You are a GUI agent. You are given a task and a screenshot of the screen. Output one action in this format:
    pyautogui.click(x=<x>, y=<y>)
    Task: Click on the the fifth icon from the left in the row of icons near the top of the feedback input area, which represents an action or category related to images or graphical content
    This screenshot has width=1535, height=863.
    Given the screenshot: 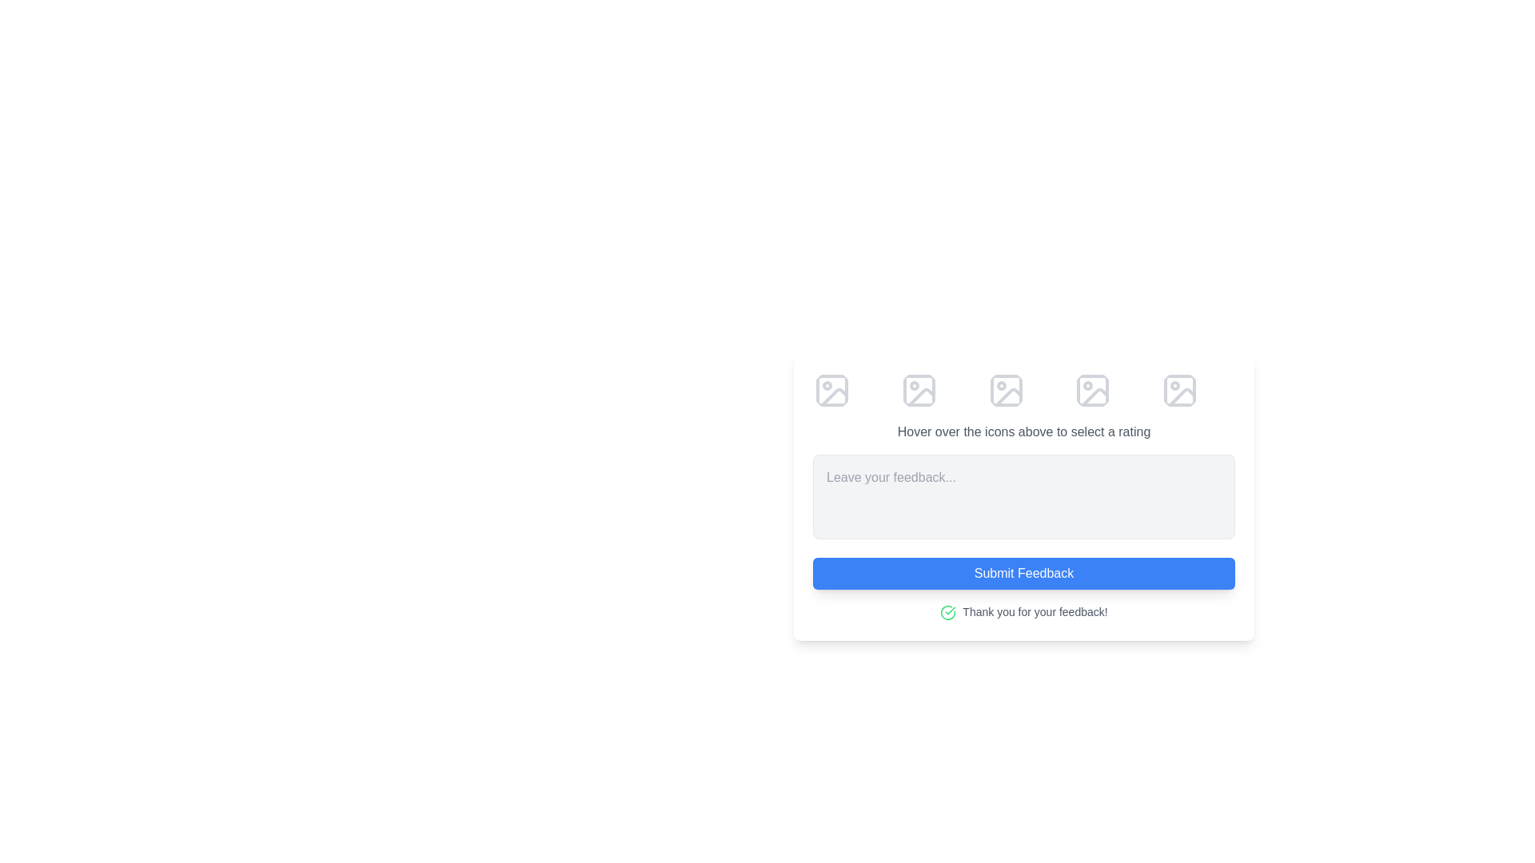 What is the action you would take?
    pyautogui.click(x=1182, y=396)
    